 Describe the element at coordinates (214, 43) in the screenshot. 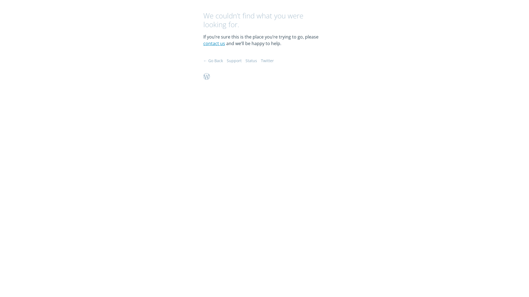

I see `'contact us'` at that location.